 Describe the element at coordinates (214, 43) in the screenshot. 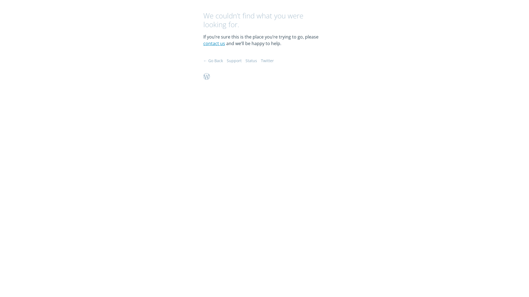

I see `'contact us'` at that location.